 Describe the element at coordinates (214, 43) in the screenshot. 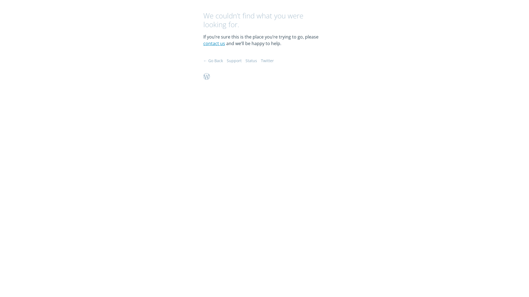

I see `'contact us'` at that location.